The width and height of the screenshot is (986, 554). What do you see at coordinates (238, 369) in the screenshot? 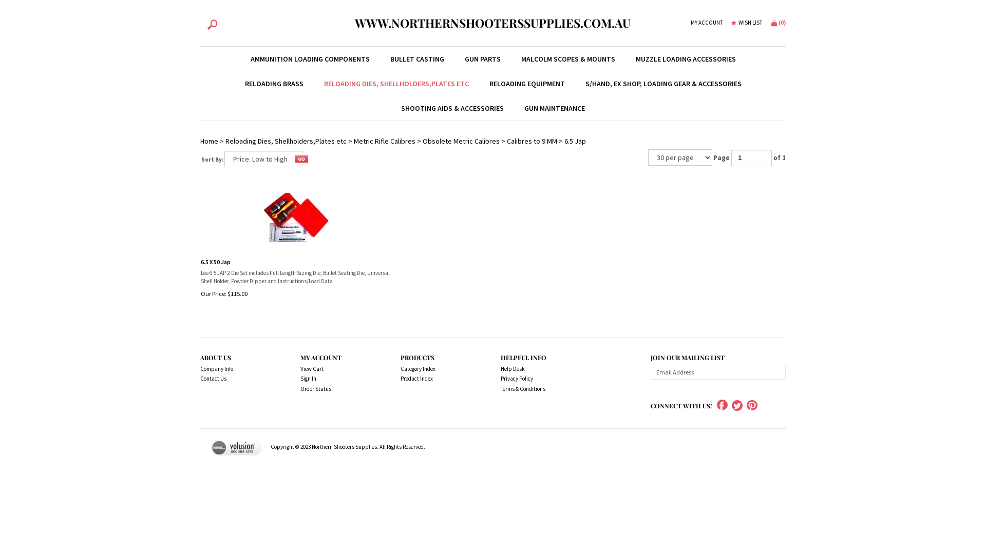
I see `'Company Info'` at bounding box center [238, 369].